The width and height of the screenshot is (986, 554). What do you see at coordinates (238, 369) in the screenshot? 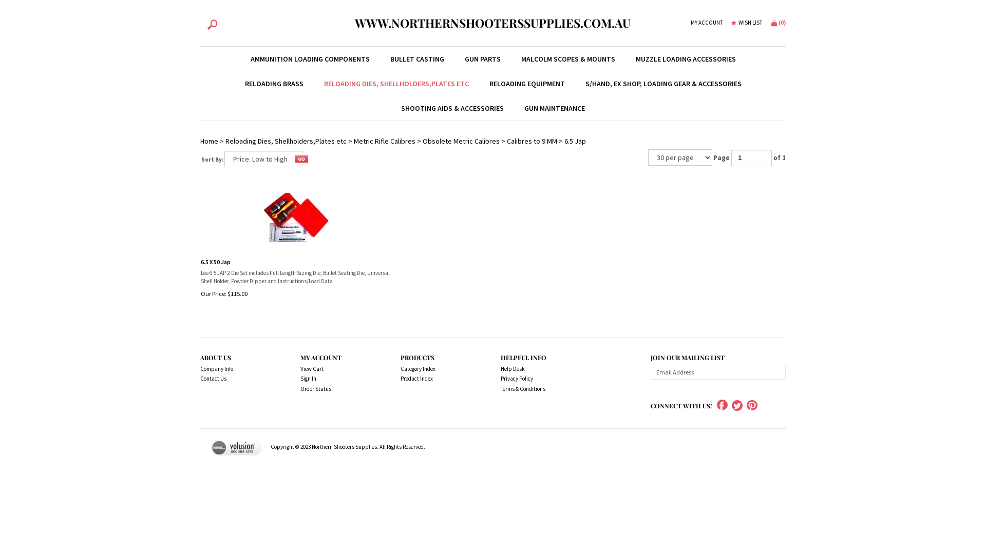
I see `'Company Info'` at bounding box center [238, 369].